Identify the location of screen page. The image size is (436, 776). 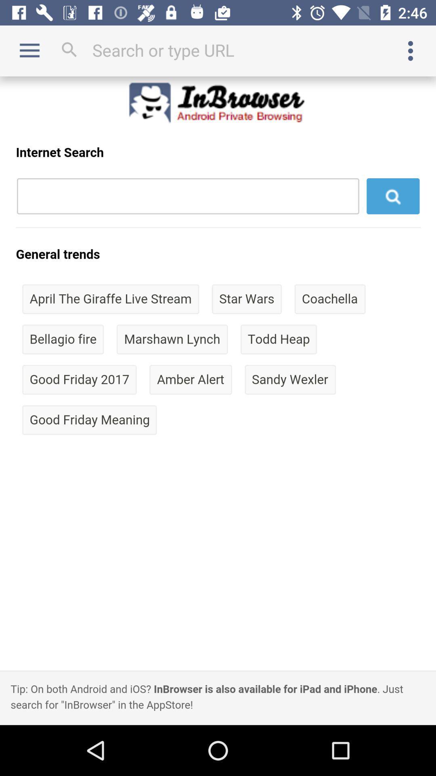
(218, 401).